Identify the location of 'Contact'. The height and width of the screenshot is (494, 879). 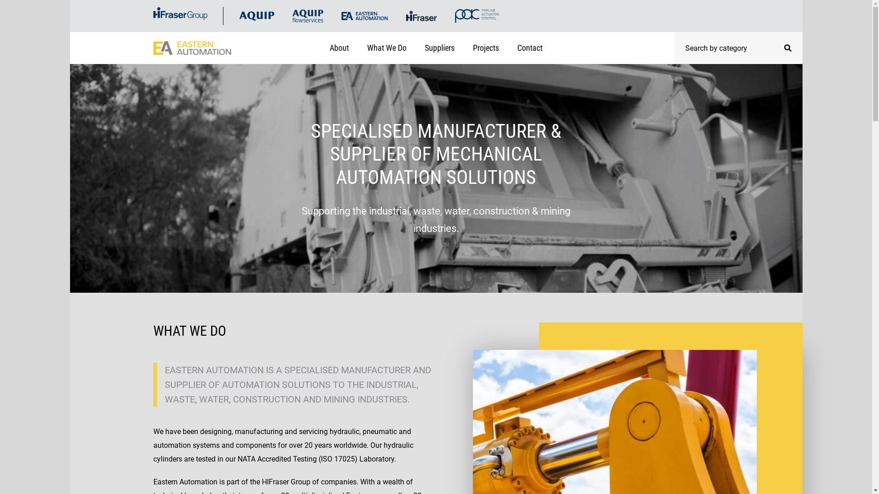
(530, 48).